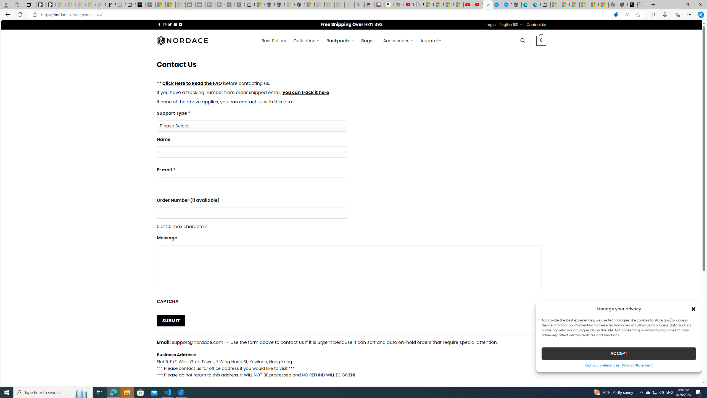  What do you see at coordinates (159, 24) in the screenshot?
I see `'Follow on Facebook'` at bounding box center [159, 24].